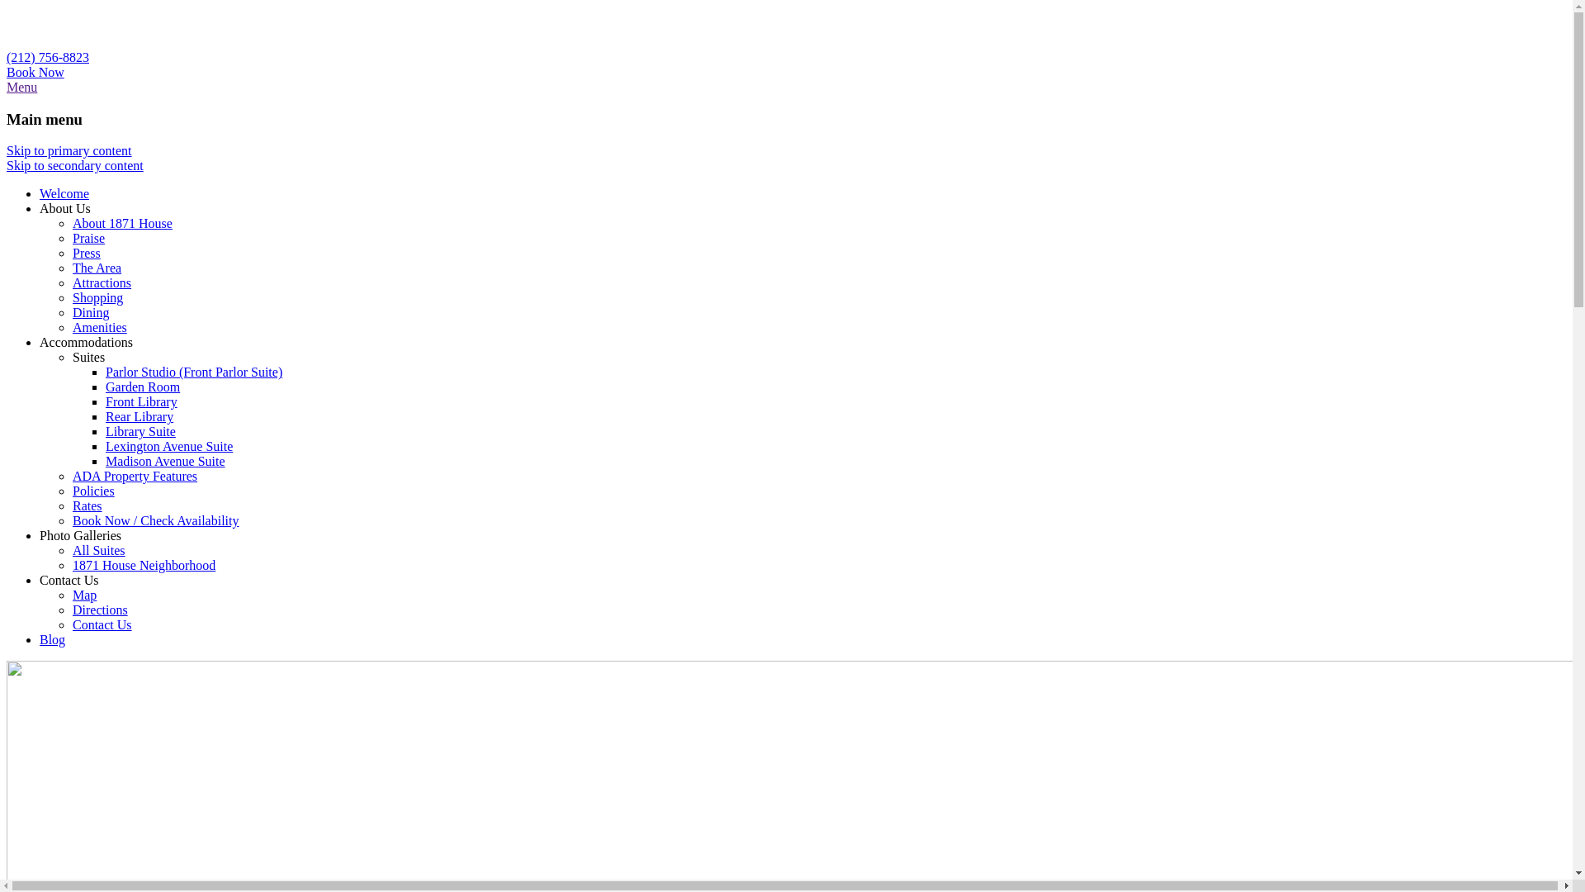 The width and height of the screenshot is (1585, 892). What do you see at coordinates (141, 401) in the screenshot?
I see `'Front Library'` at bounding box center [141, 401].